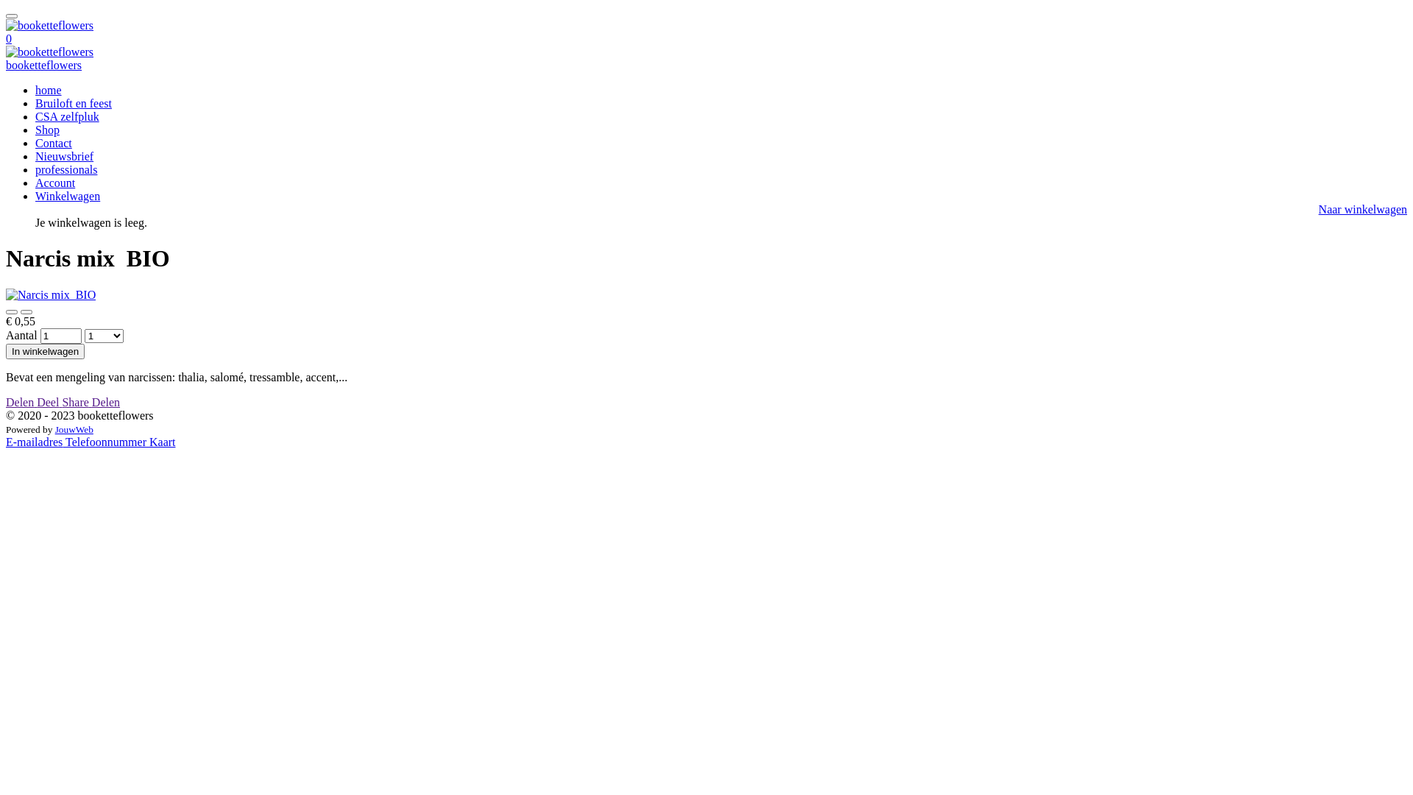  Describe the element at coordinates (105, 402) in the screenshot. I see `'Delen'` at that location.